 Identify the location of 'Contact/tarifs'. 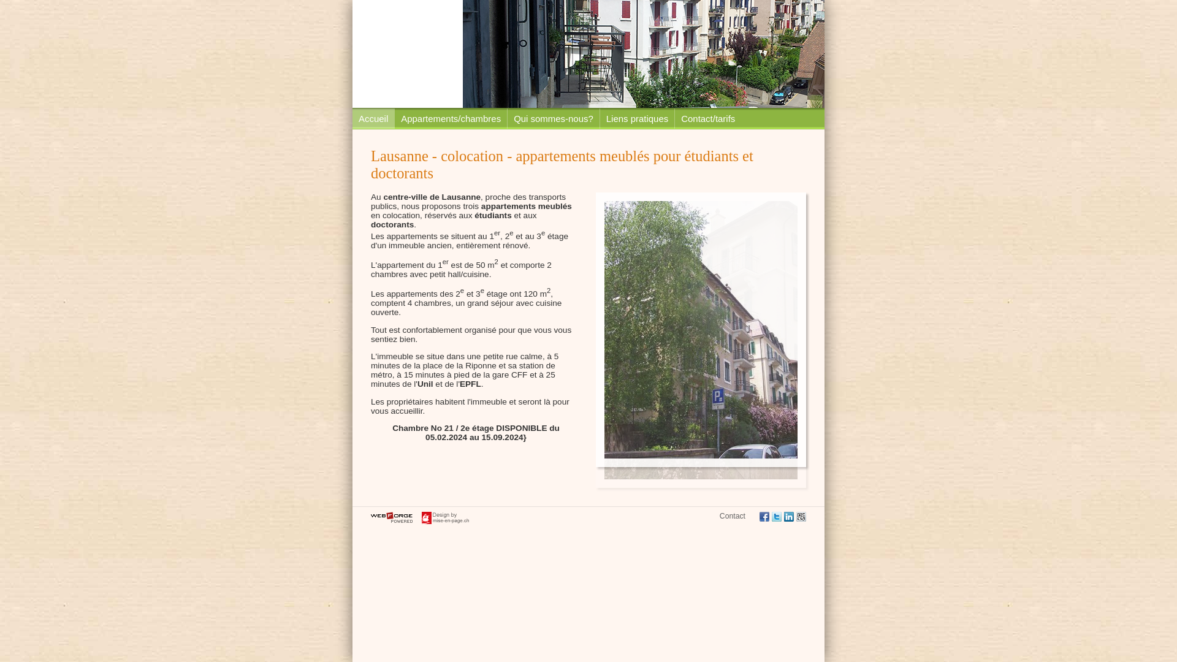
(707, 118).